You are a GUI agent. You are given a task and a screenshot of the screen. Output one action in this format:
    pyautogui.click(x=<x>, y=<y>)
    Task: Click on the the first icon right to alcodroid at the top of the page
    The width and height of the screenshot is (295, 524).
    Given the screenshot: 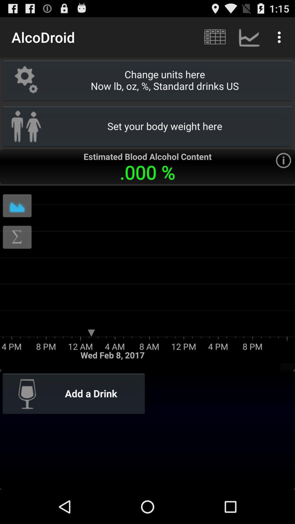 What is the action you would take?
    pyautogui.click(x=214, y=37)
    